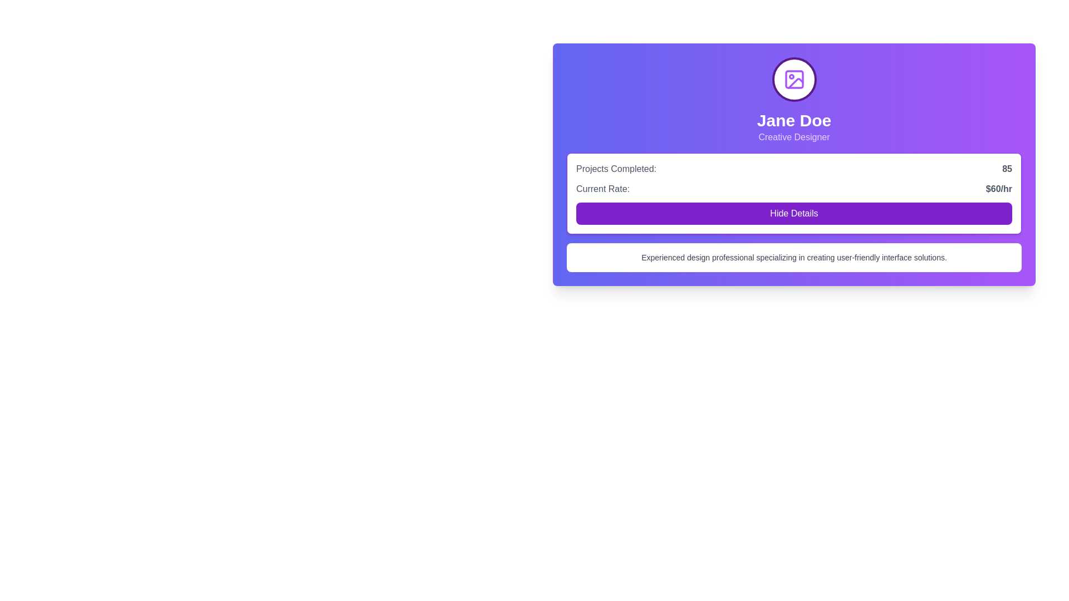 This screenshot has height=601, width=1069. Describe the element at coordinates (793, 214) in the screenshot. I see `the purple button labeled 'Hide Details' to observe the hover effect` at that location.